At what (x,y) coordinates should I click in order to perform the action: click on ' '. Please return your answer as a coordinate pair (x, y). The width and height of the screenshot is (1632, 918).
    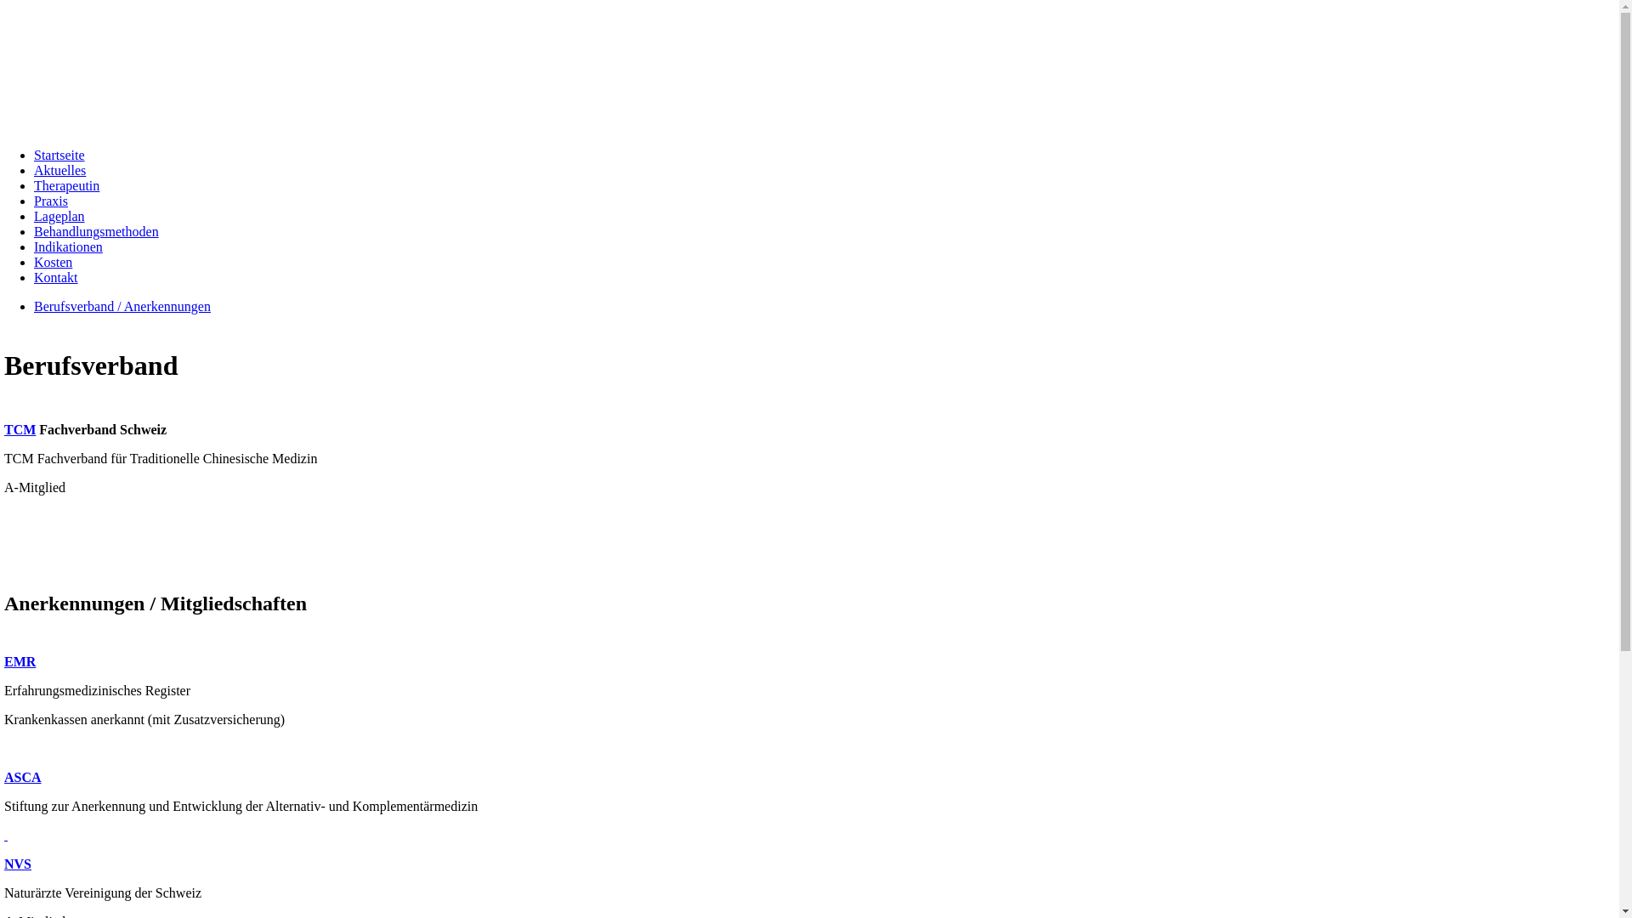
    Looking at the image, I should click on (5, 834).